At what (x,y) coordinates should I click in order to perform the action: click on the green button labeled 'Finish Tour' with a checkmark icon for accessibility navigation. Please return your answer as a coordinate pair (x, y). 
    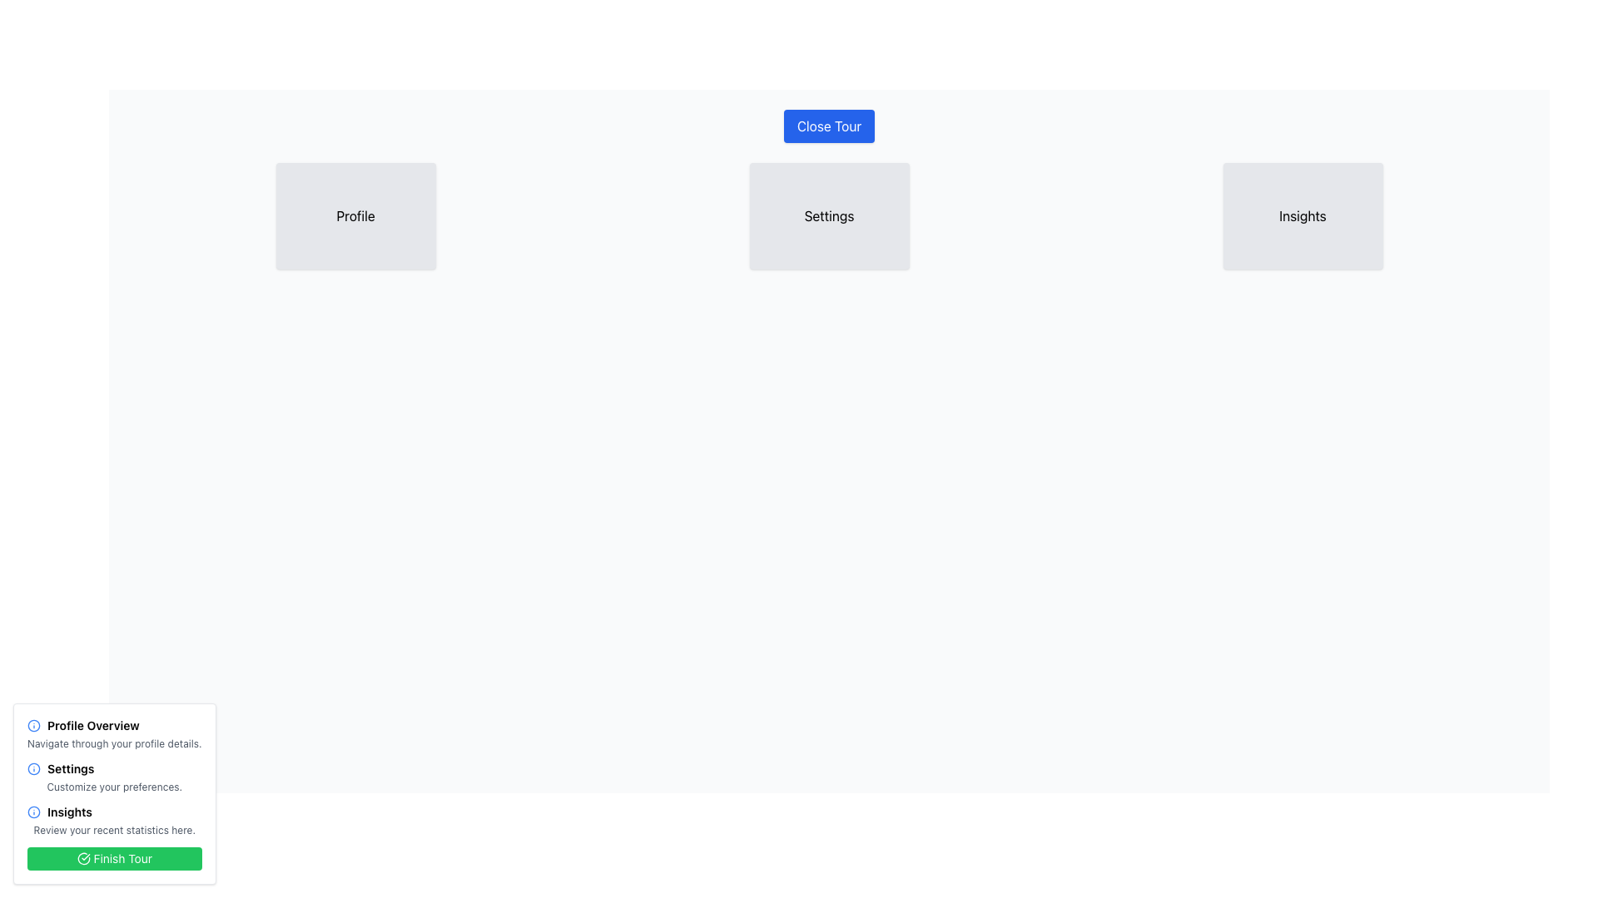
    Looking at the image, I should click on (113, 859).